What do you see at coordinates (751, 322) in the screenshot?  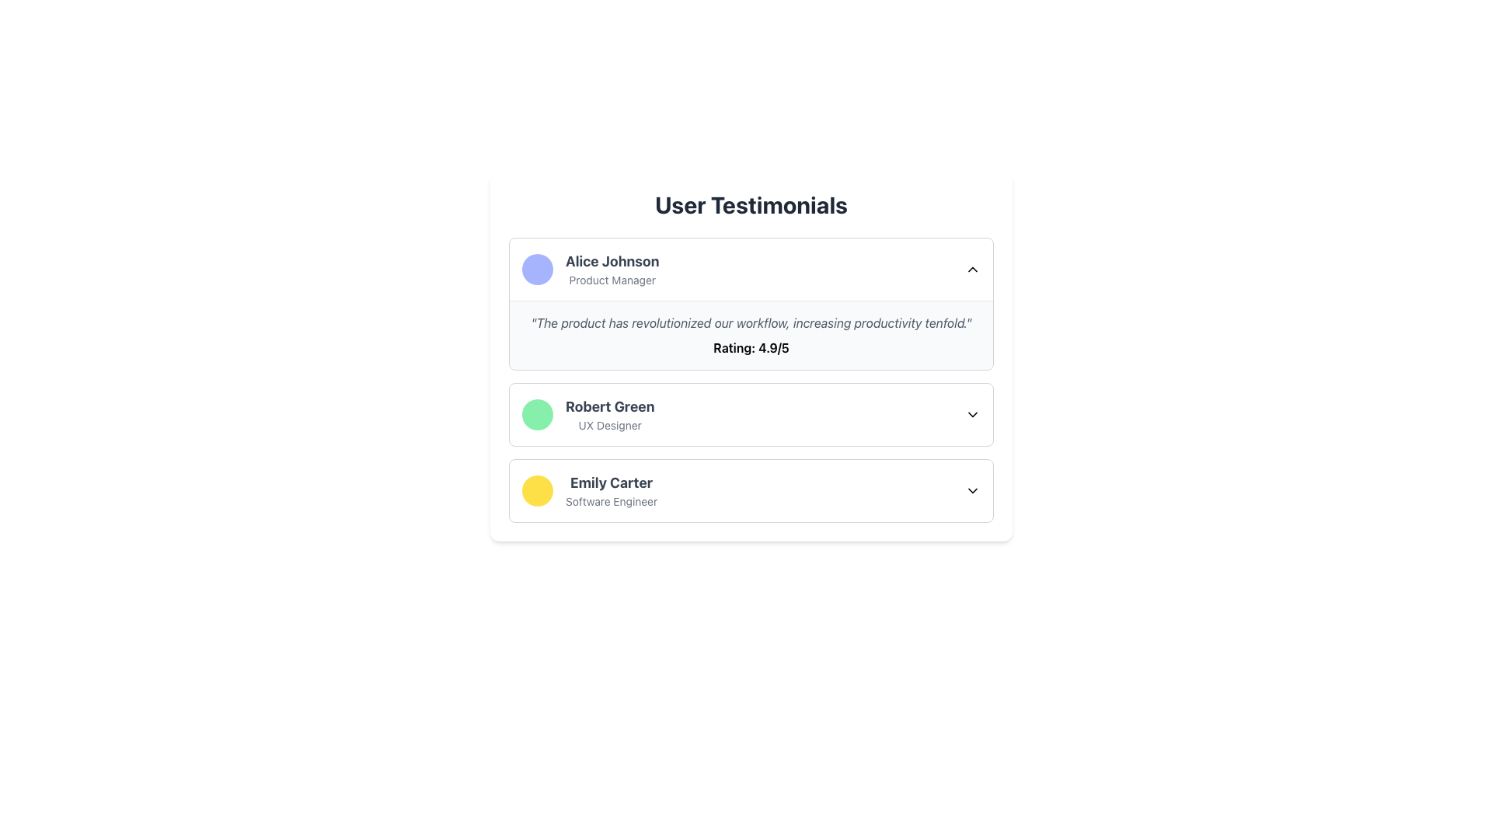 I see `the text segment styled in gray italicized font that reads 'The product has revolutionized our workflow, increasing productivity tenfold.' This text is located in the top testimonial card, below the author's name and above the rating 'Rating: 4.9/5'` at bounding box center [751, 322].